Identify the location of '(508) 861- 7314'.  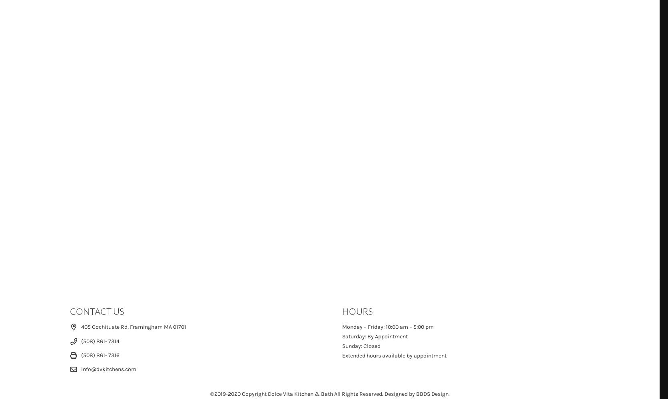
(100, 340).